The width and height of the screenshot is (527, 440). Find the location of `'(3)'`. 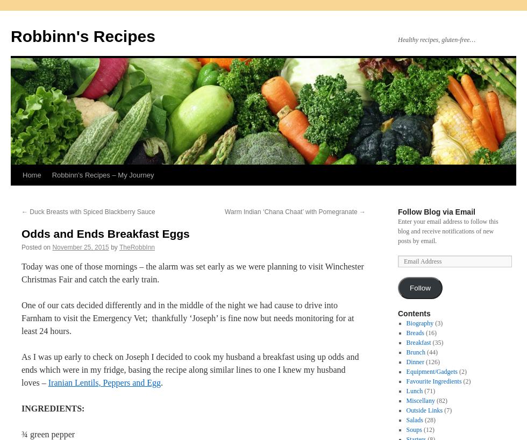

'(3)' is located at coordinates (438, 322).